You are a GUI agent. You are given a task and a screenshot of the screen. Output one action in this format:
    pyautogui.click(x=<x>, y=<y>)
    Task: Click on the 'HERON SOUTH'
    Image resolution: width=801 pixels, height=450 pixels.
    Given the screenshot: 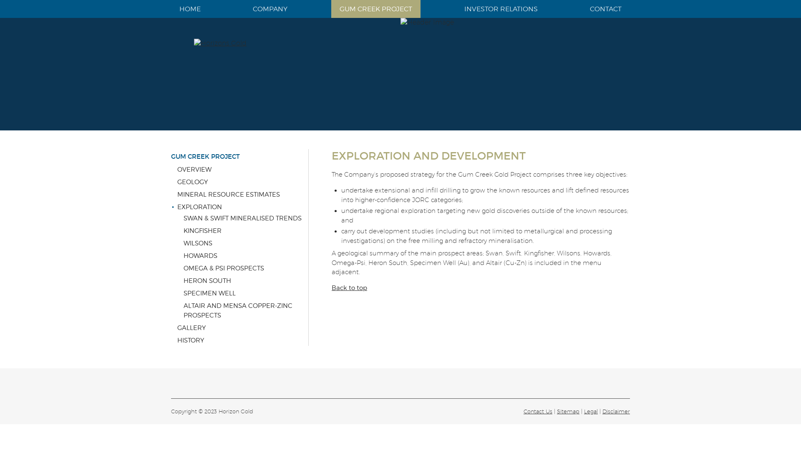 What is the action you would take?
    pyautogui.click(x=183, y=280)
    